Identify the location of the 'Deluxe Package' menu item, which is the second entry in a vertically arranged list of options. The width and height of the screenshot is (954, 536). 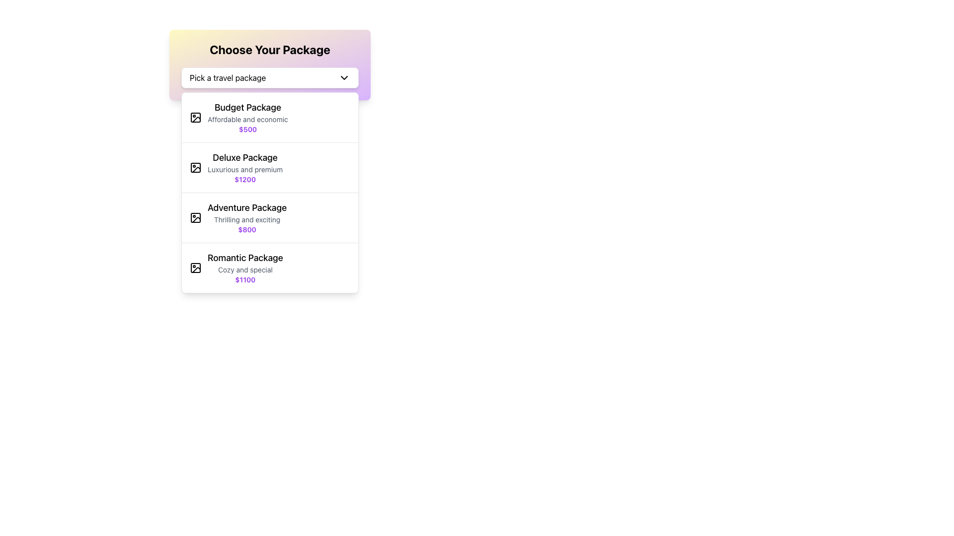
(270, 167).